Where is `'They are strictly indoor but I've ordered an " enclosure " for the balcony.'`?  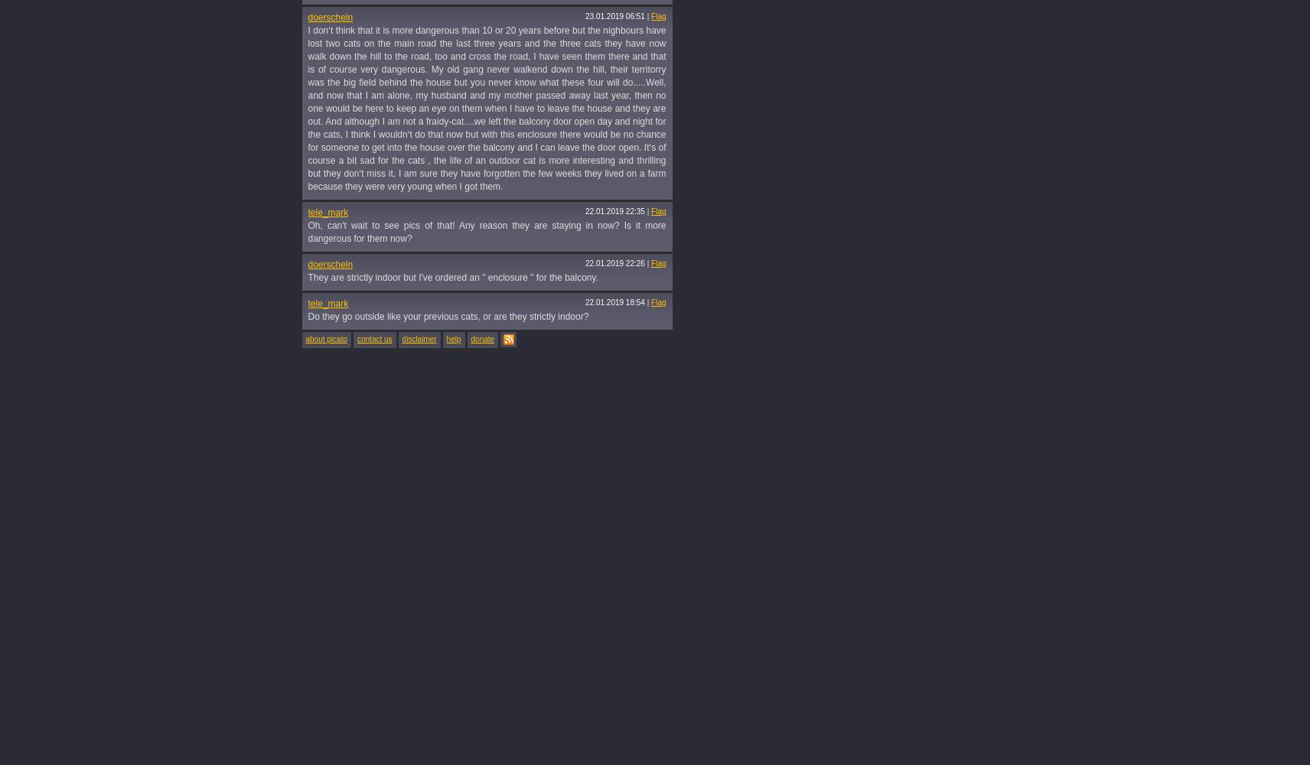 'They are strictly indoor but I've ordered an " enclosure " for the balcony.' is located at coordinates (451, 277).